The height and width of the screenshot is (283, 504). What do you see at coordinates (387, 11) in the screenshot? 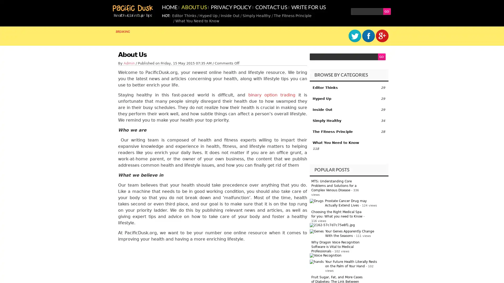
I see `GO` at bounding box center [387, 11].